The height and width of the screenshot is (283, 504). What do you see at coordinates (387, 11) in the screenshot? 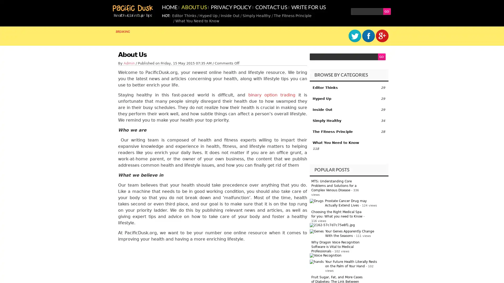
I see `GO` at bounding box center [387, 11].